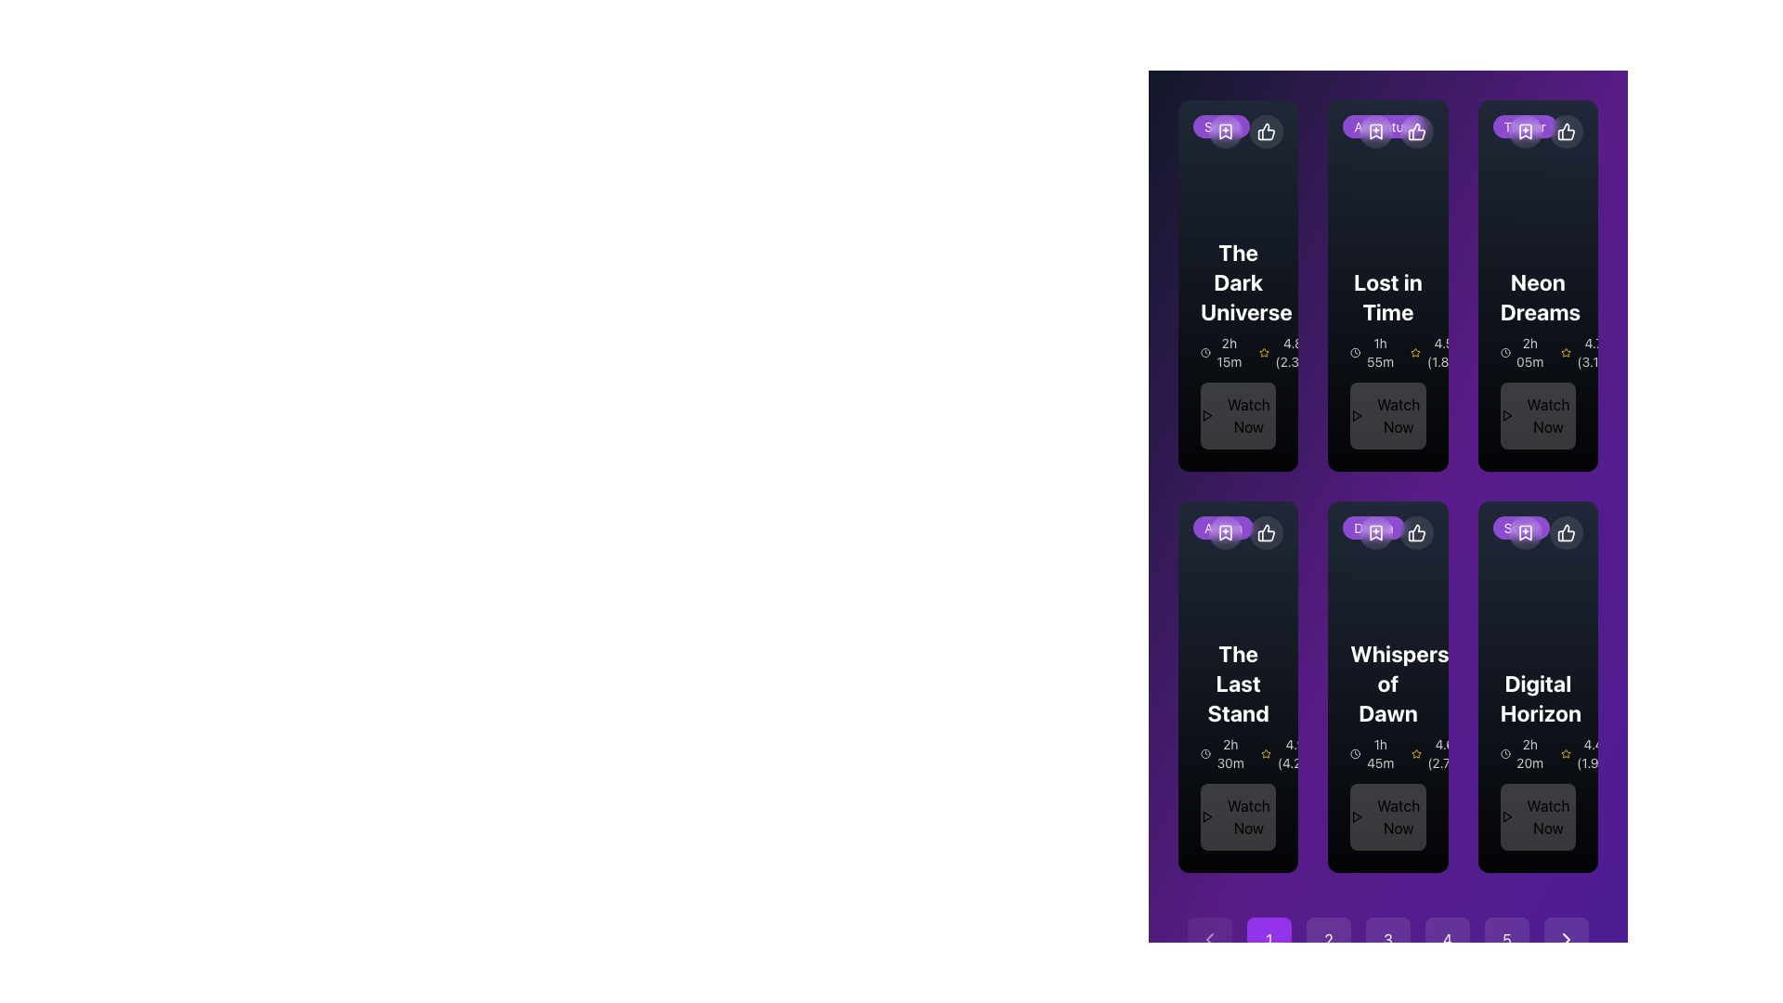 The image size is (1783, 1003). Describe the element at coordinates (1387, 353) in the screenshot. I see `the Information display section that shows the content duration and rating for the card titled 'Lost in Time'` at that location.